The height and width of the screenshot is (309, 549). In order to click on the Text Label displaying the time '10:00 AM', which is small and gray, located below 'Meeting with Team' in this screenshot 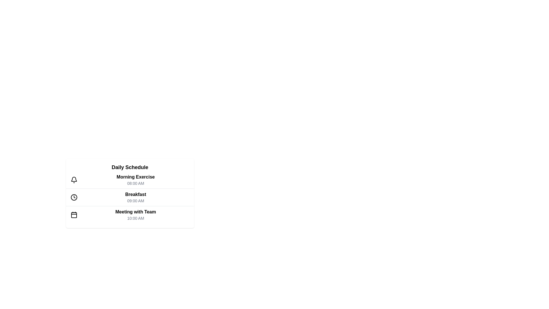, I will do `click(135, 218)`.